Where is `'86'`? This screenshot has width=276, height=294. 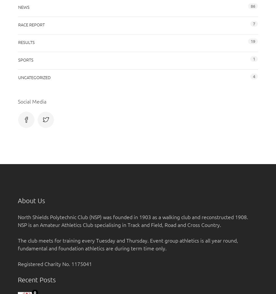 '86' is located at coordinates (253, 5).